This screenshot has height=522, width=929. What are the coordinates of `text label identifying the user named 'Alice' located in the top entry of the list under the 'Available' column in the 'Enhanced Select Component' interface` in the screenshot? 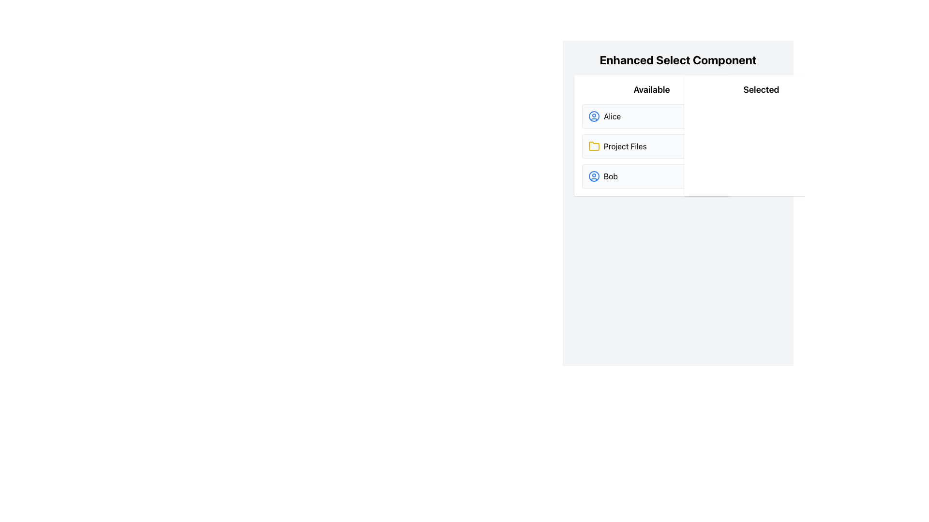 It's located at (612, 116).